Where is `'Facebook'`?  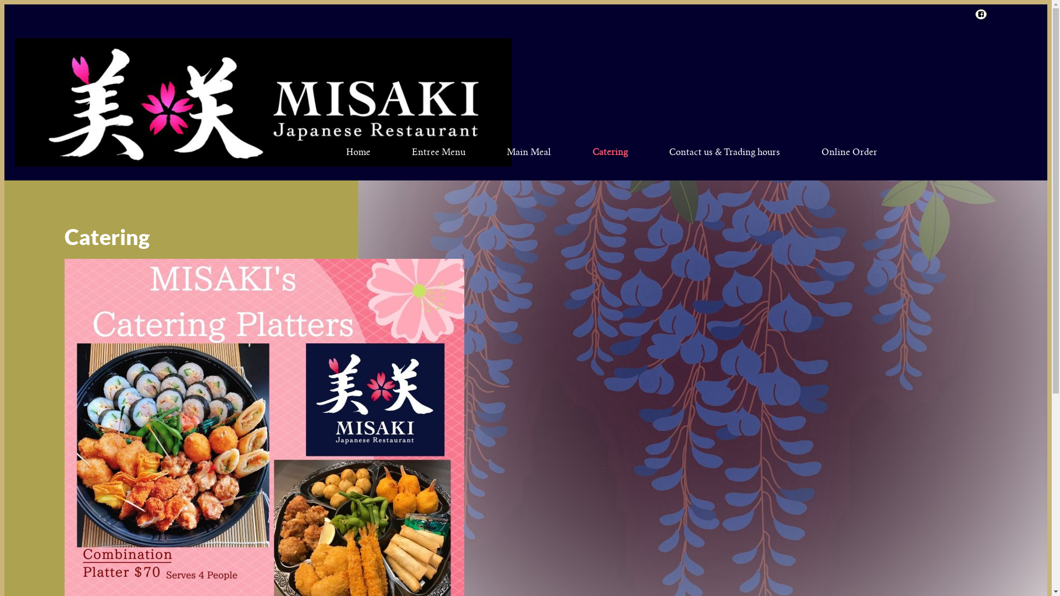
'Facebook' is located at coordinates (972, 14).